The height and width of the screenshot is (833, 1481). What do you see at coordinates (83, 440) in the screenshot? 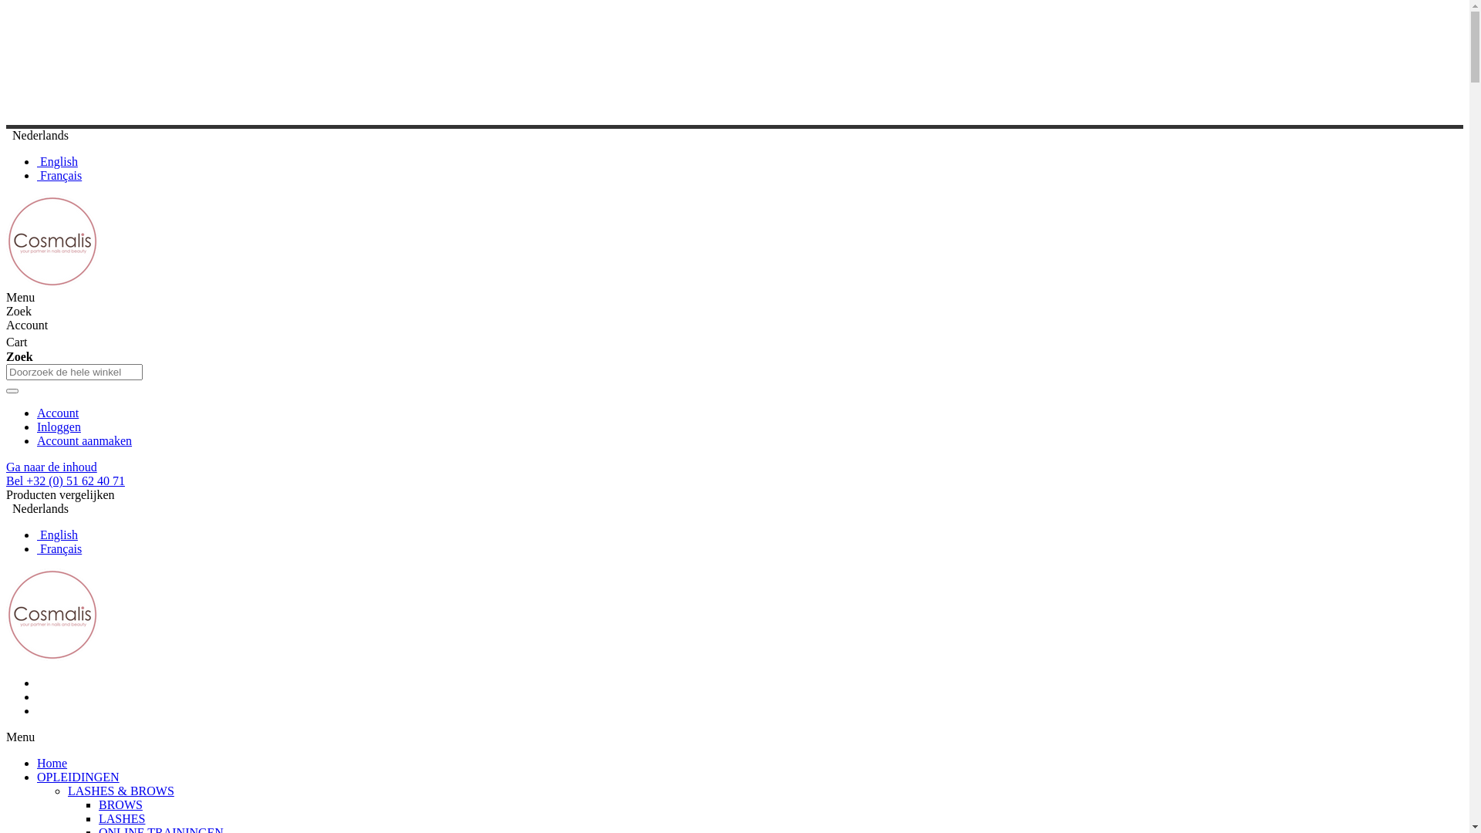
I see `'Account aanmaken'` at bounding box center [83, 440].